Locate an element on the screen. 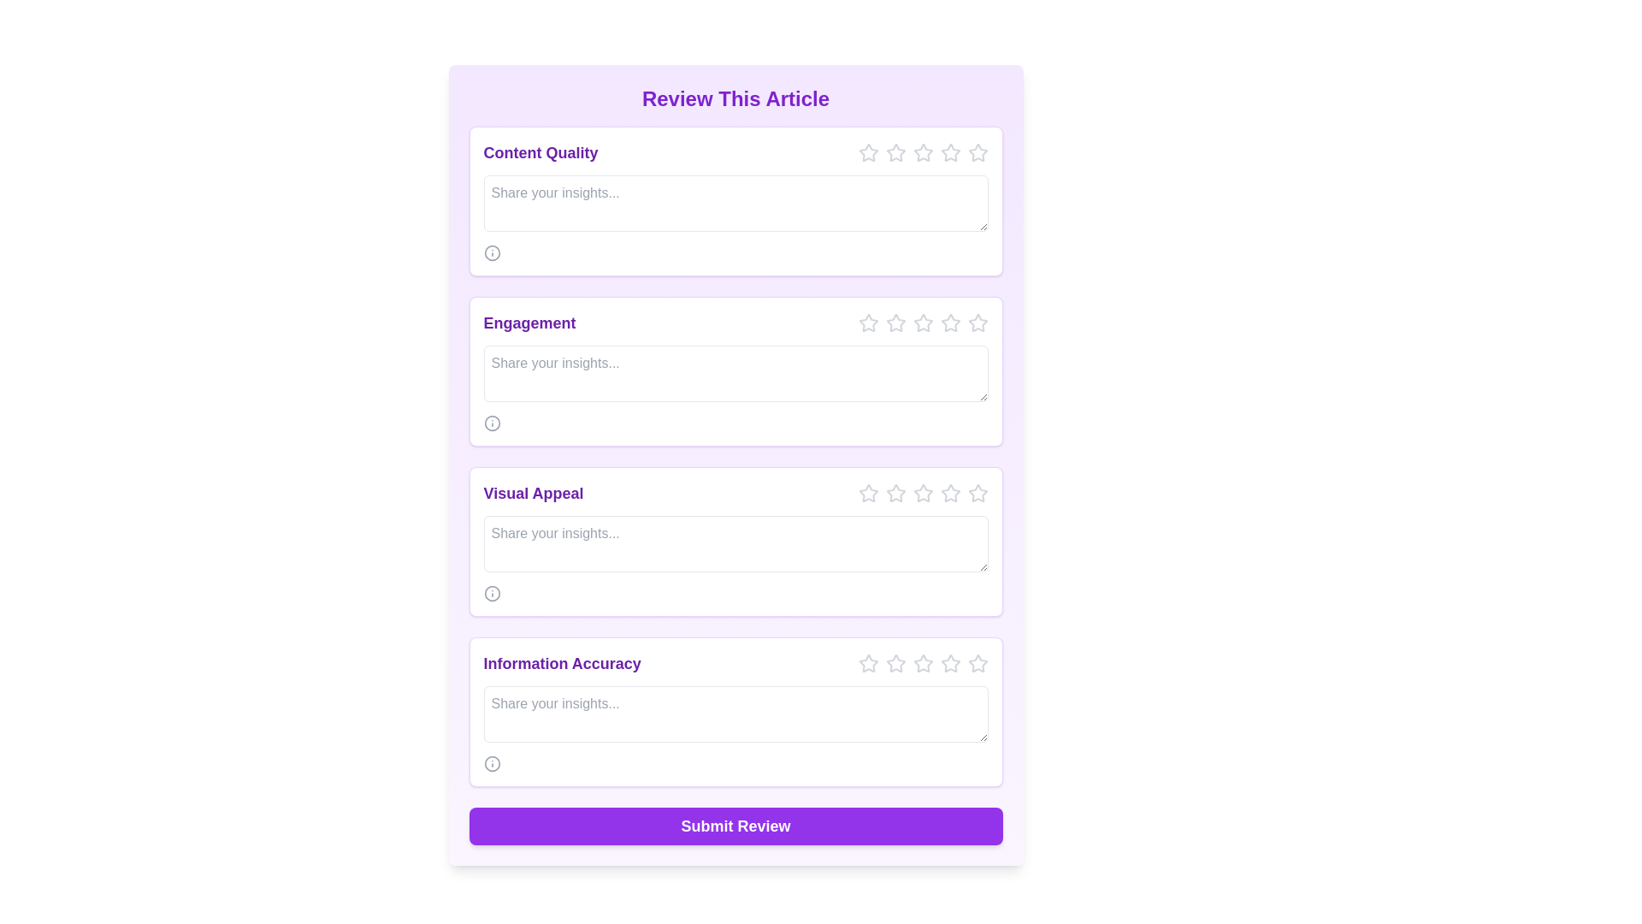 The height and width of the screenshot is (924, 1642). the third star in the rating system located in the 'Information Accuracy' section is located at coordinates (922, 662).